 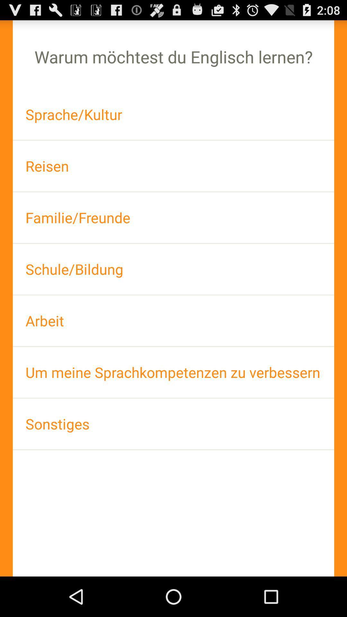 I want to click on icon below the arbeit icon, so click(x=173, y=372).